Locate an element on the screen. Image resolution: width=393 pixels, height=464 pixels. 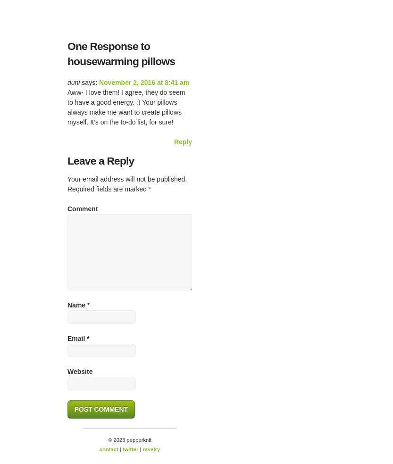
'Your email address will not be published.' is located at coordinates (127, 179).